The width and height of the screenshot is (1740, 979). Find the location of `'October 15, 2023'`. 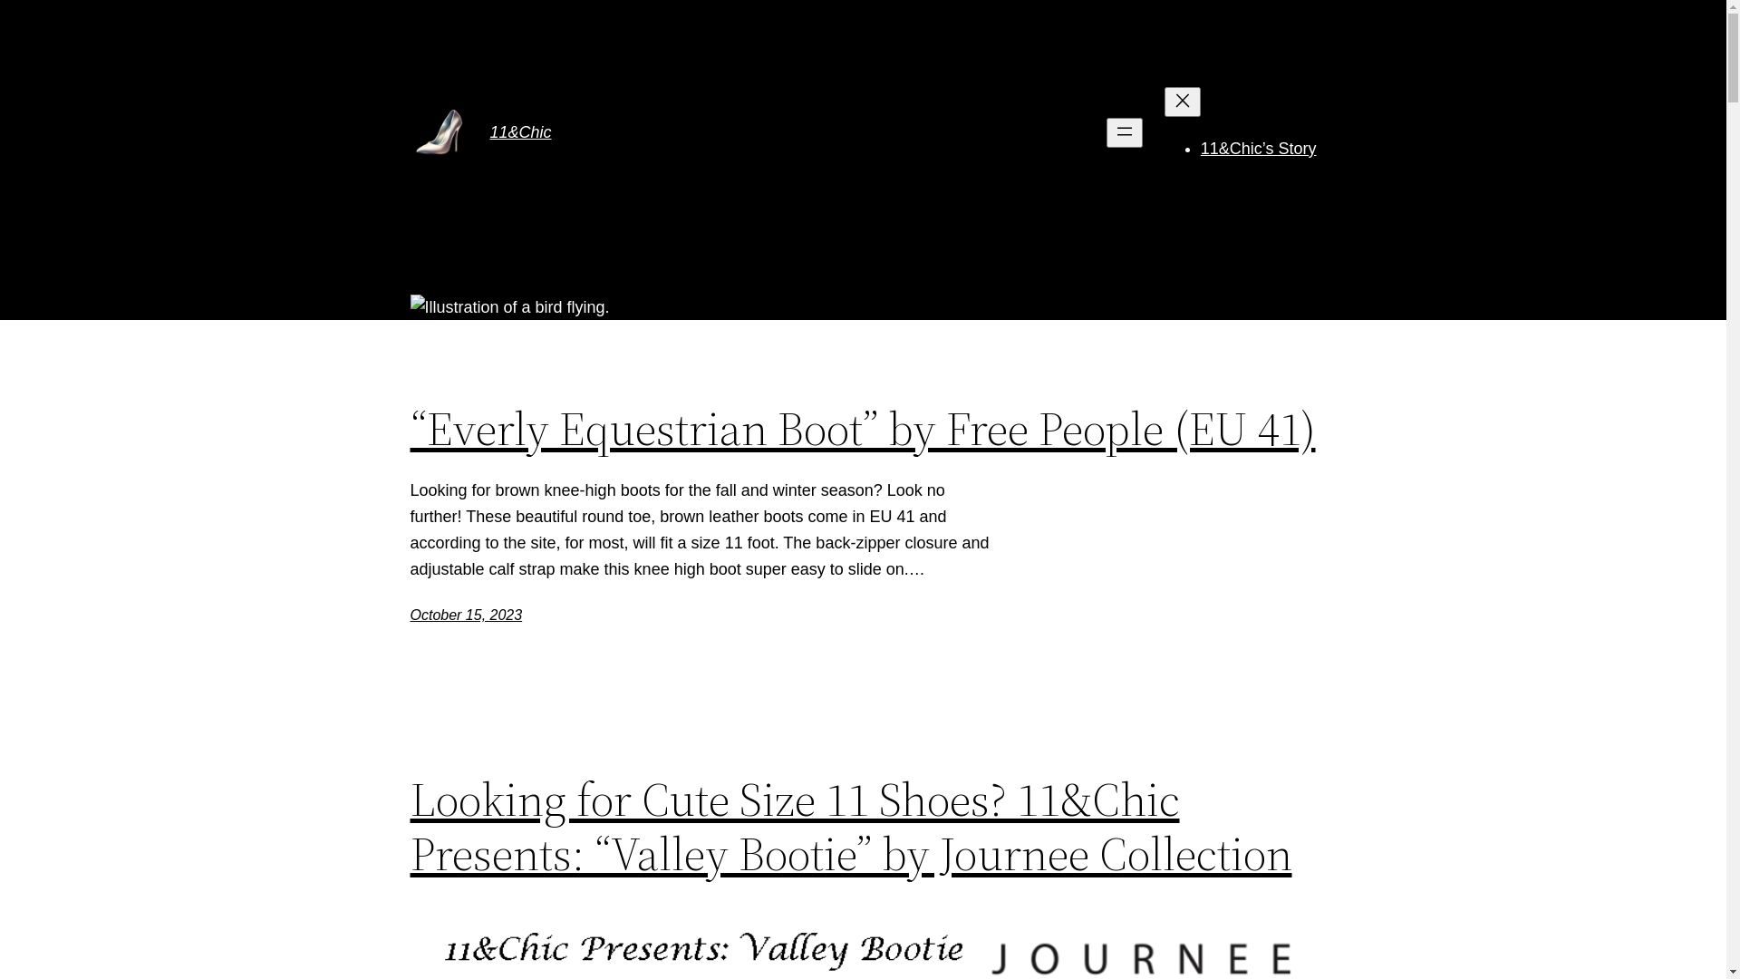

'October 15, 2023' is located at coordinates (465, 614).